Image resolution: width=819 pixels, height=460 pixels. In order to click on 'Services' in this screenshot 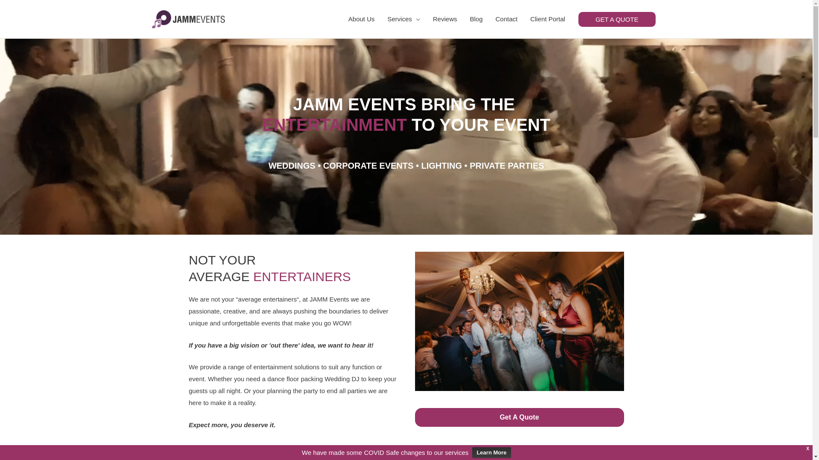, I will do `click(380, 19)`.